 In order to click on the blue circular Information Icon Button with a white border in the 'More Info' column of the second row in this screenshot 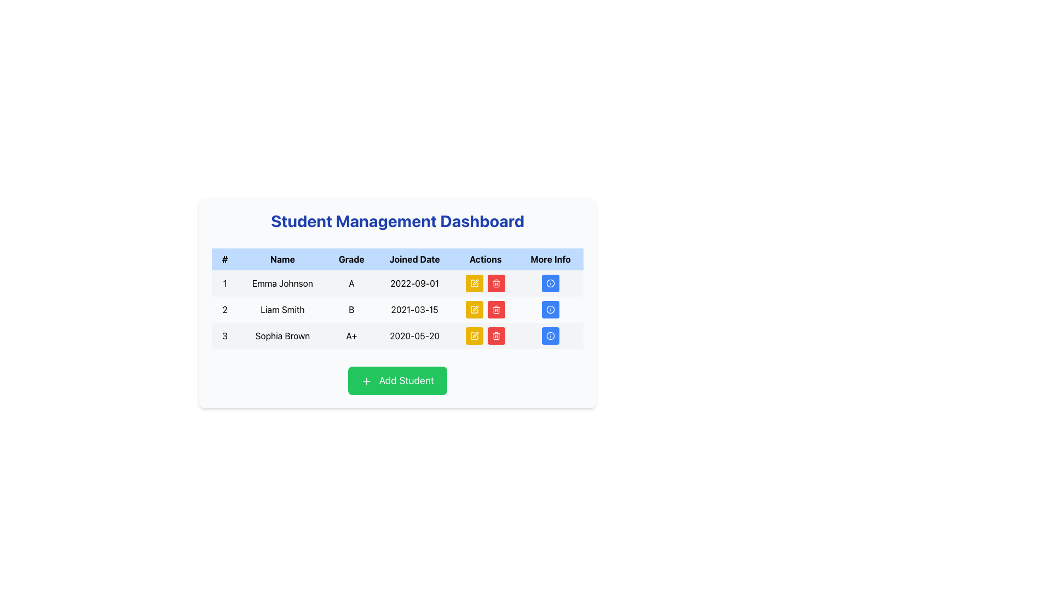, I will do `click(551, 310)`.